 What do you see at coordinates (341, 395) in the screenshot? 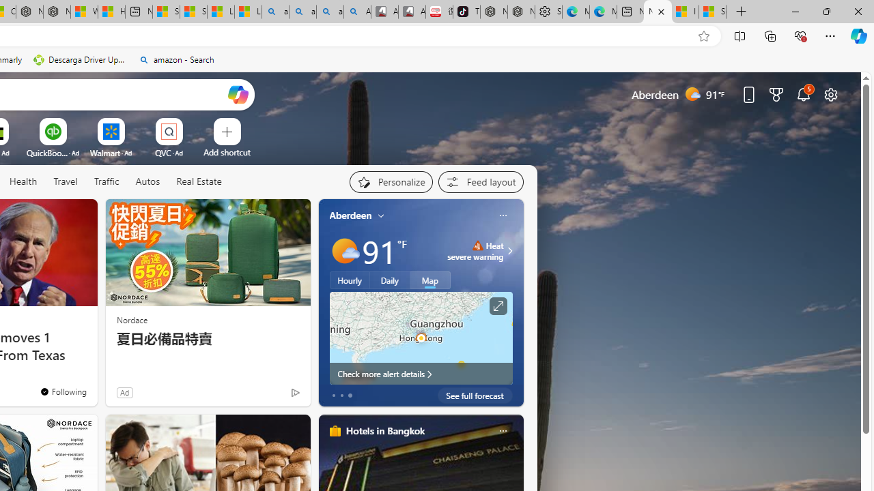
I see `'tab-1'` at bounding box center [341, 395].